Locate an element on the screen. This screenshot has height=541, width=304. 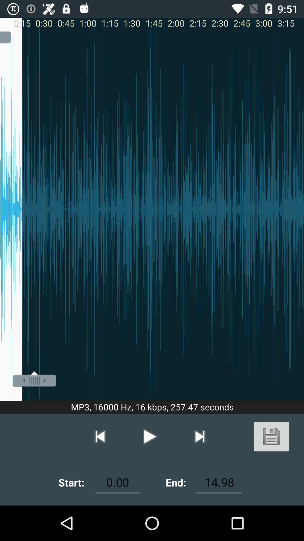
the button right to the play button is located at coordinates (199, 436).